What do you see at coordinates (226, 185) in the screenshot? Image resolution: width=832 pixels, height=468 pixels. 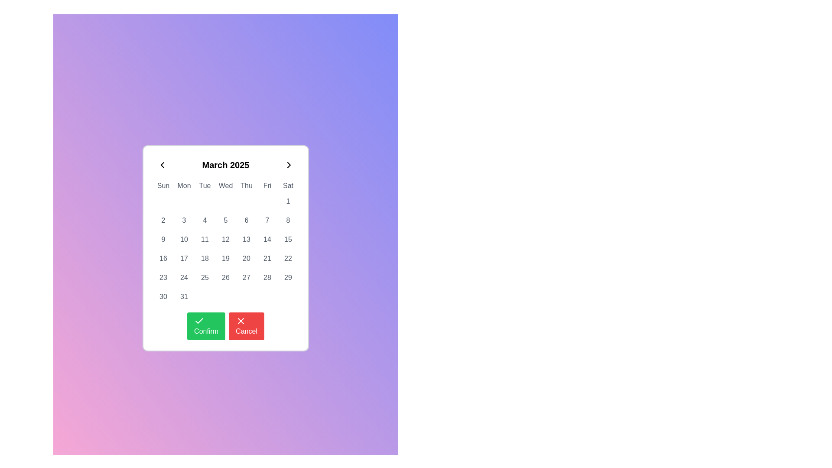 I see `the Text label indicating 'Wednesday' in the calendar week, which is the fourth item in the weekday header row` at bounding box center [226, 185].